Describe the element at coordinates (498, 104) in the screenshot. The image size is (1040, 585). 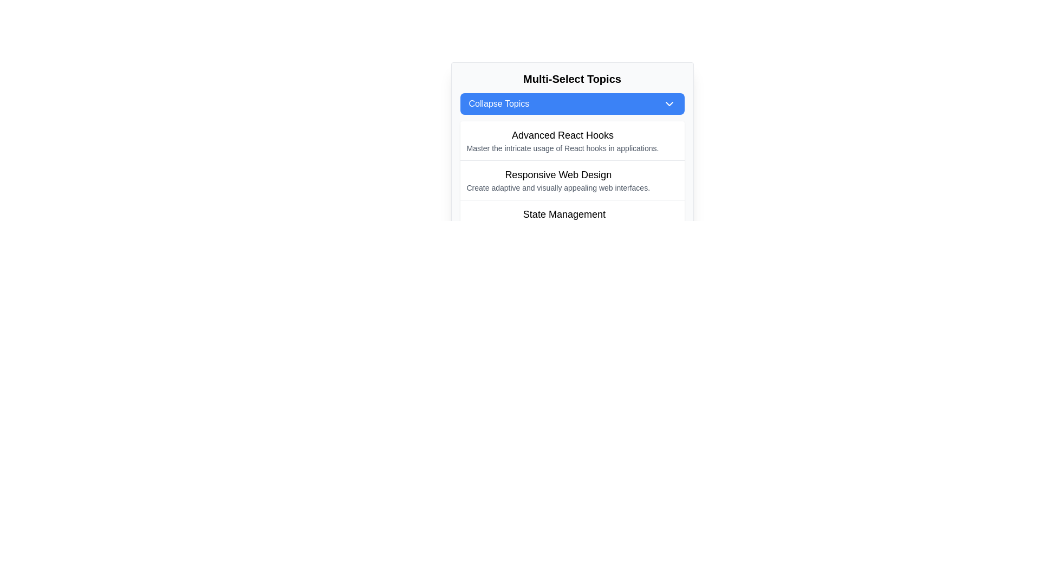
I see `text displayed in the 'Collapse Topics' button, which is styled with rounded edges and has a blue background` at that location.